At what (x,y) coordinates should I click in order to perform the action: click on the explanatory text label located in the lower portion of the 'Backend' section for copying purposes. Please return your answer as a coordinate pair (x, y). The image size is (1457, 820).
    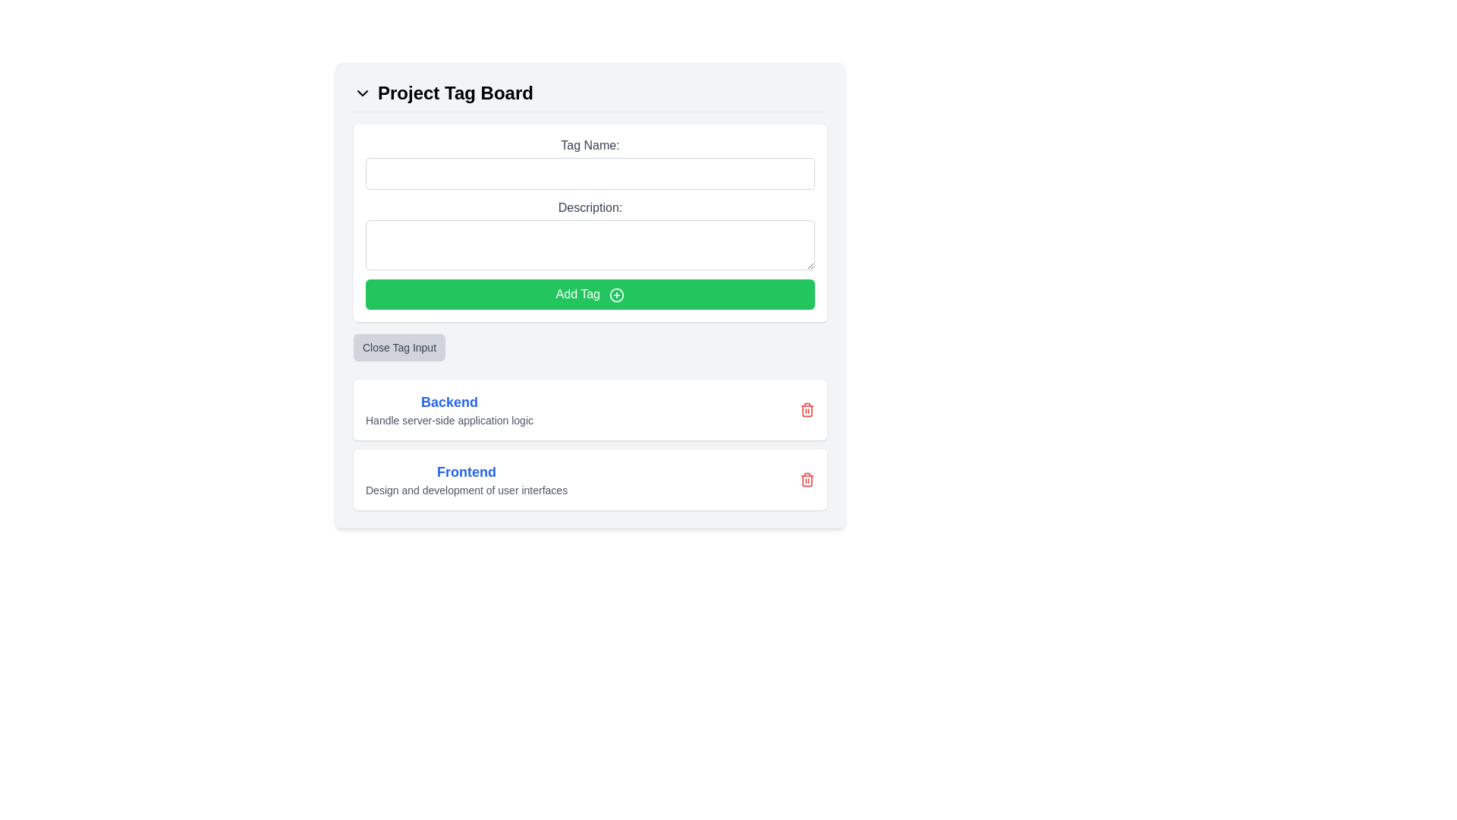
    Looking at the image, I should click on (448, 421).